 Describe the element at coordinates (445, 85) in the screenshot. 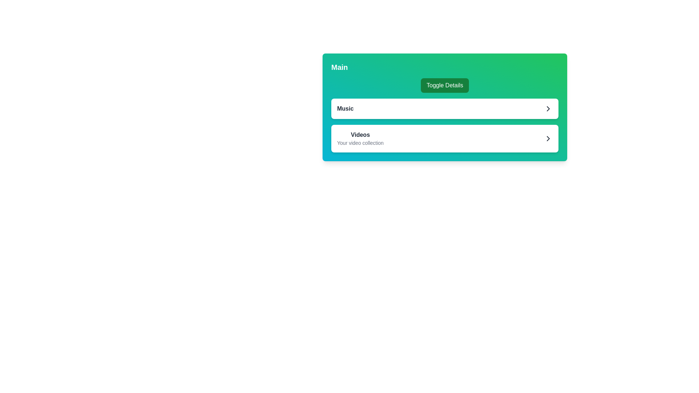

I see `the green button labeled 'Toggle Details'` at that location.